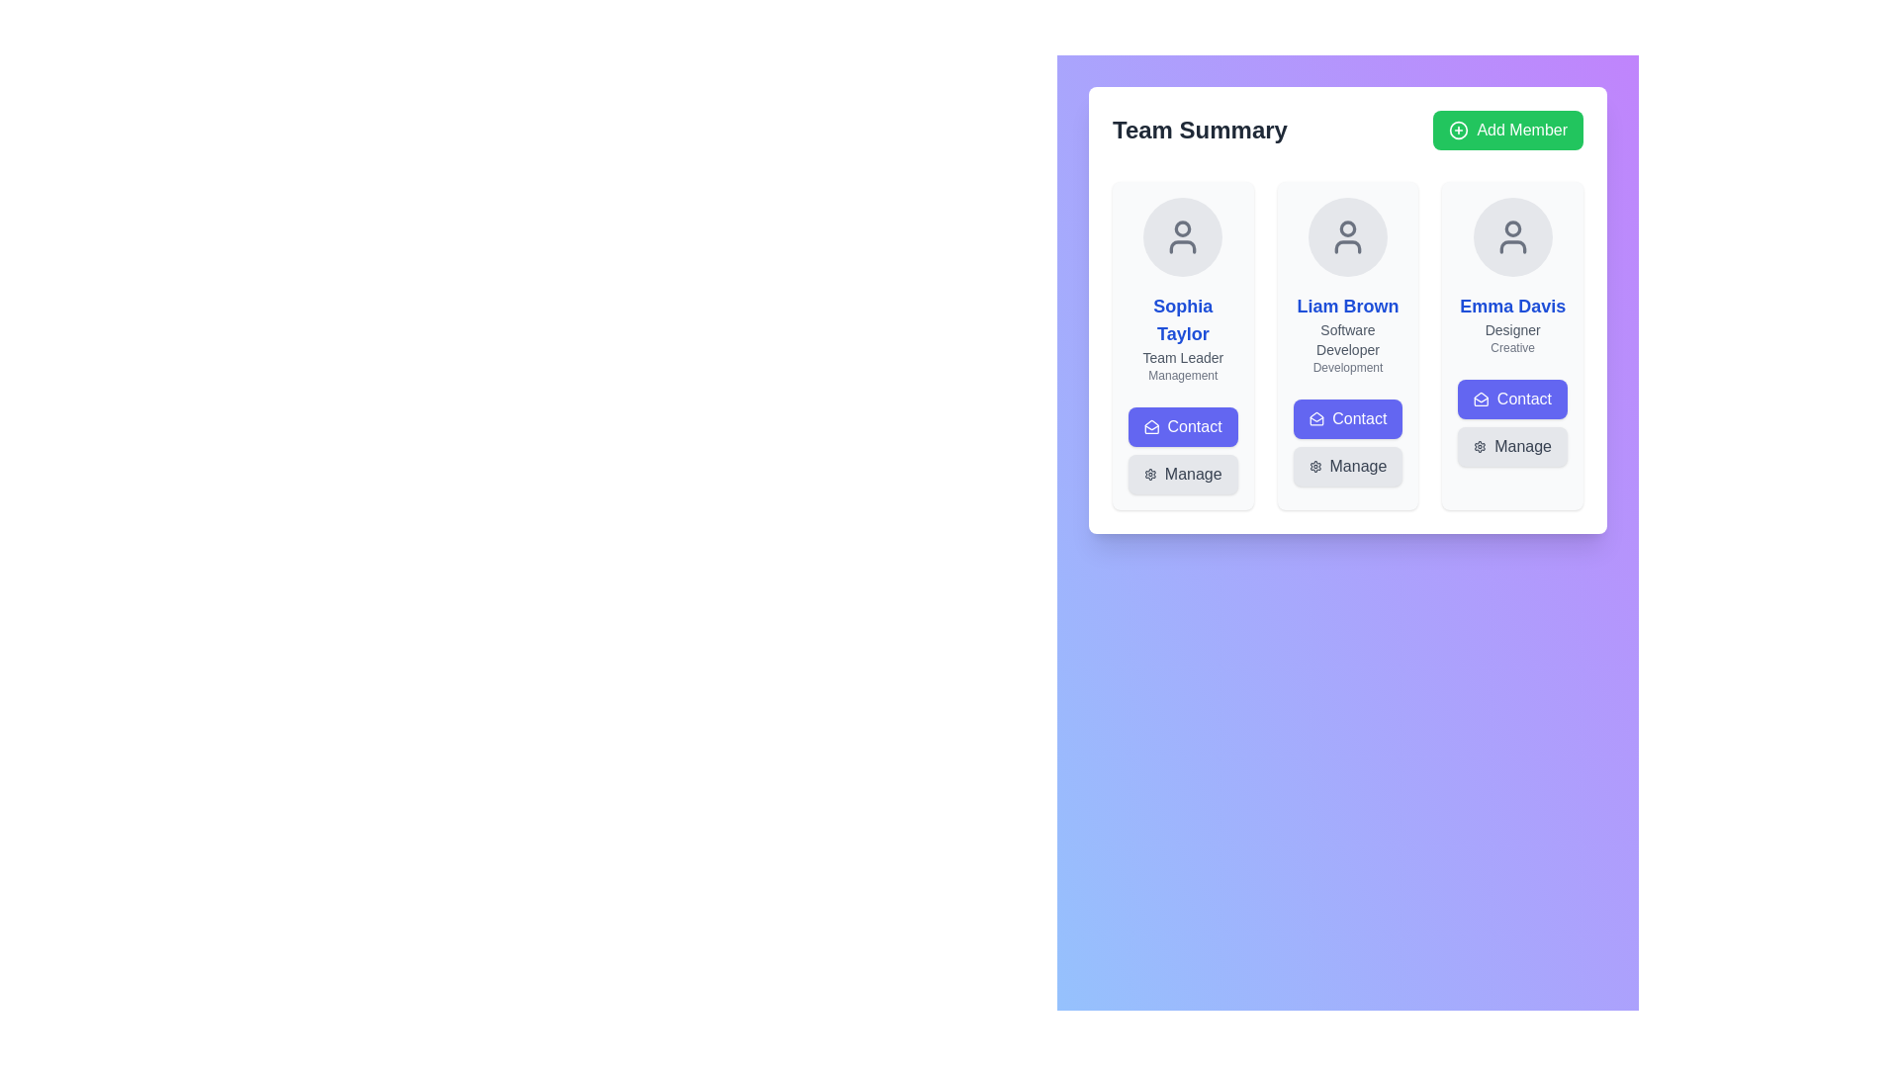  Describe the element at coordinates (1459, 130) in the screenshot. I see `the circular icon with a light green border located to the left of the 'Add Member' button in the 'Team Summary' section` at that location.